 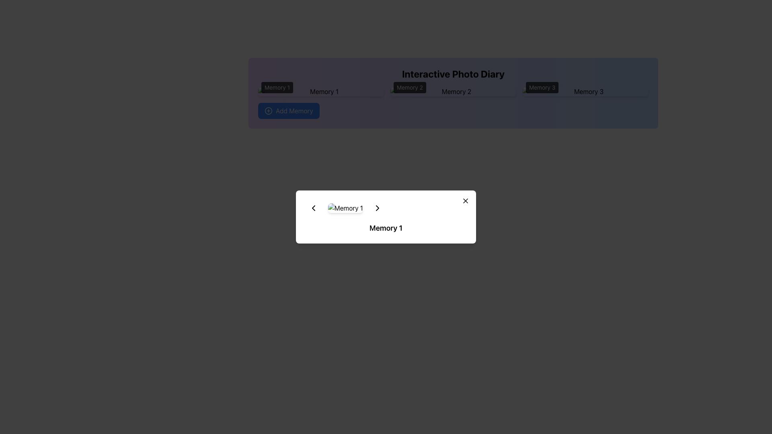 I want to click on the left-facing chevron icon button located in the top-left corner of the modal header section, so click(x=313, y=207).